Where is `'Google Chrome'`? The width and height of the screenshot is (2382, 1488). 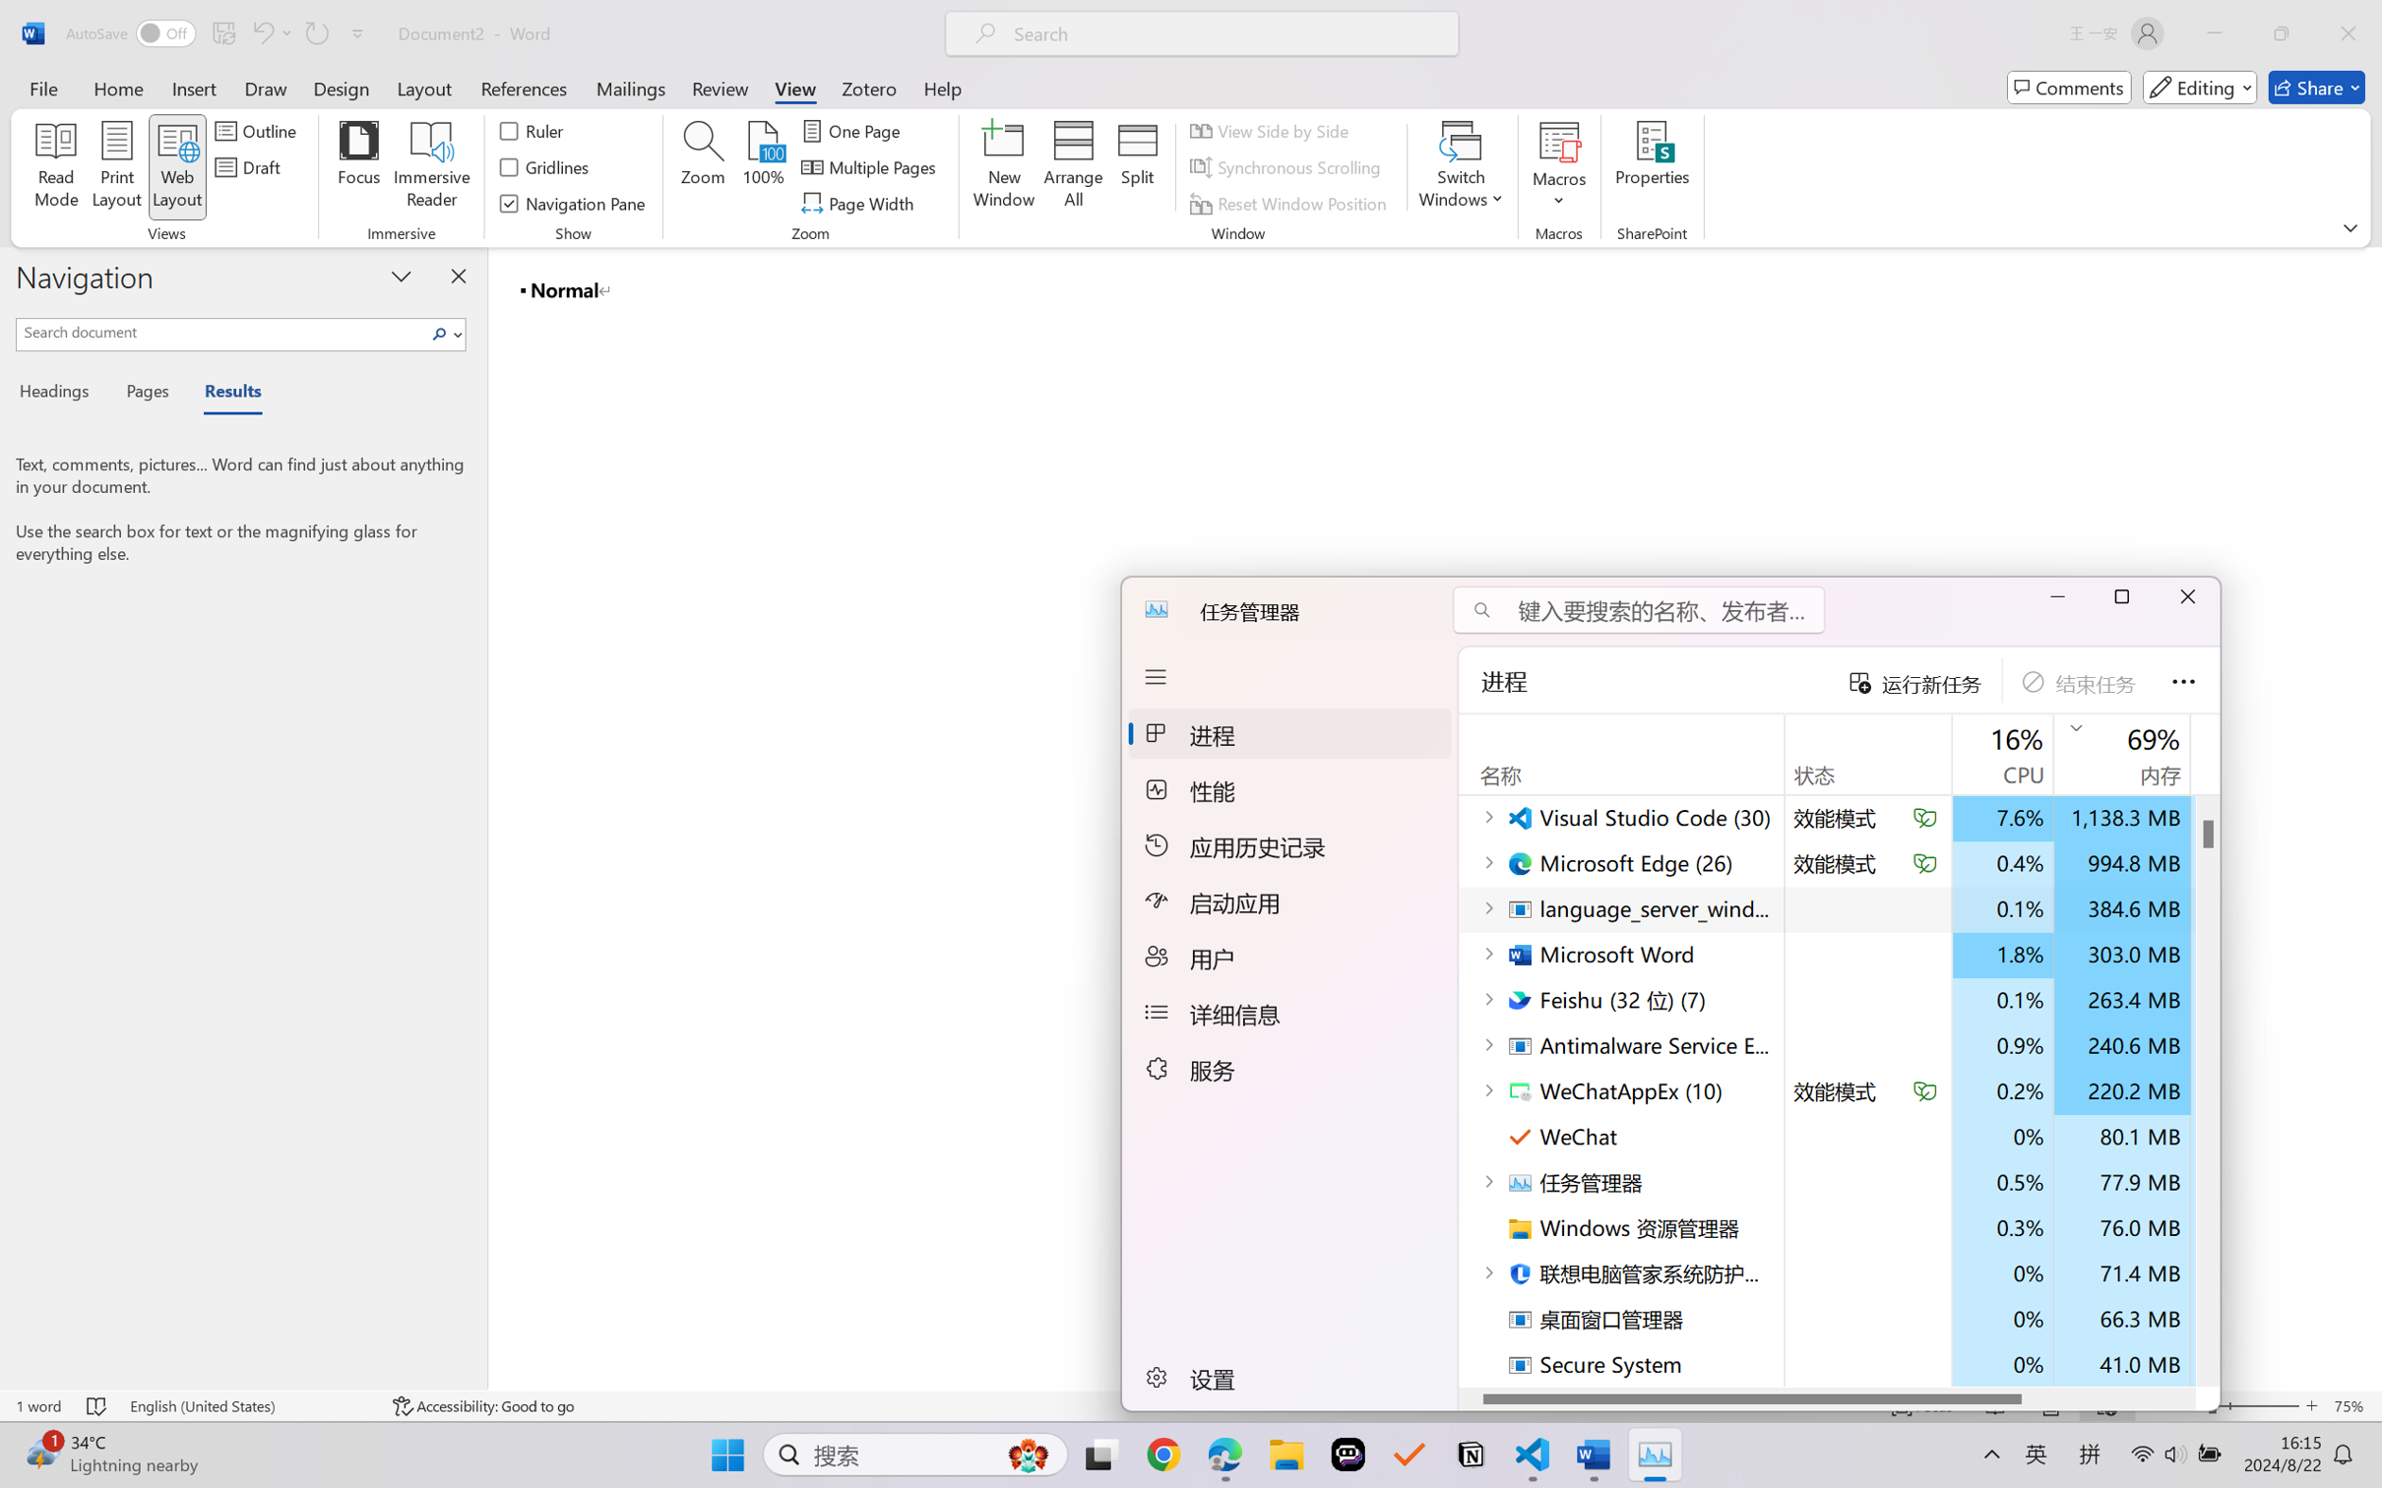
'Google Chrome' is located at coordinates (1163, 1455).